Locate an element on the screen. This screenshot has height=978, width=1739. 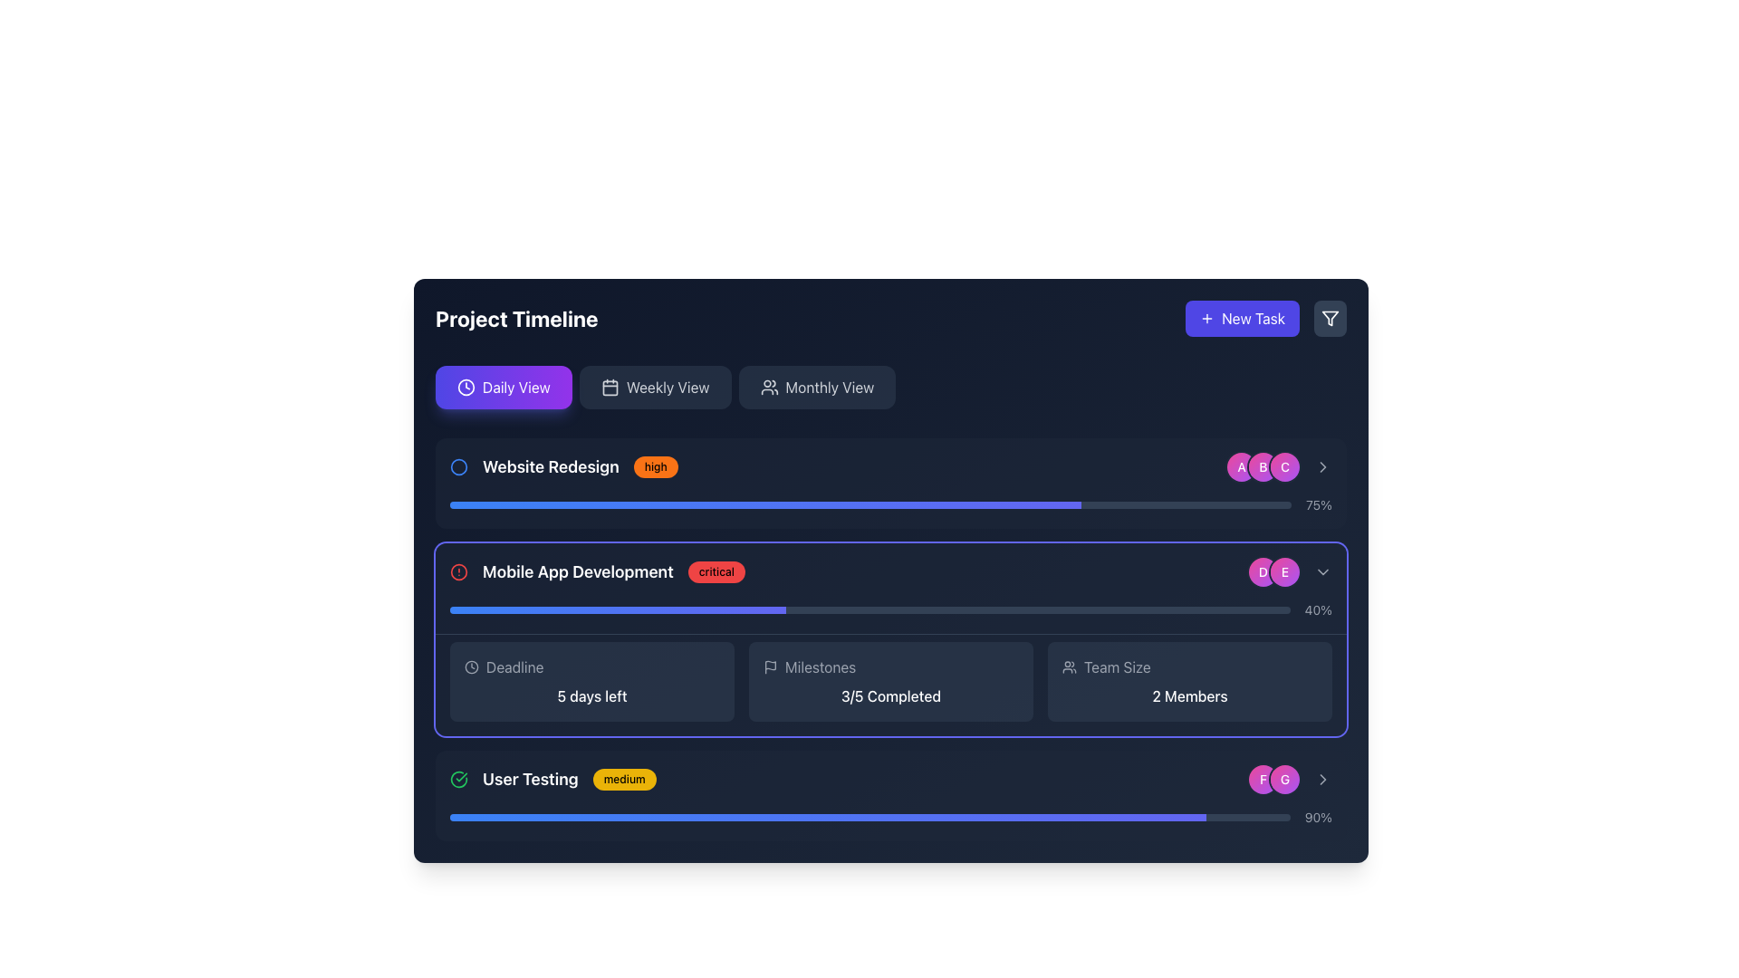
the icon that visually identifies the 'Team Size' information, located at the top-left corner of the card displaying 'Team Size' is located at coordinates (1069, 666).